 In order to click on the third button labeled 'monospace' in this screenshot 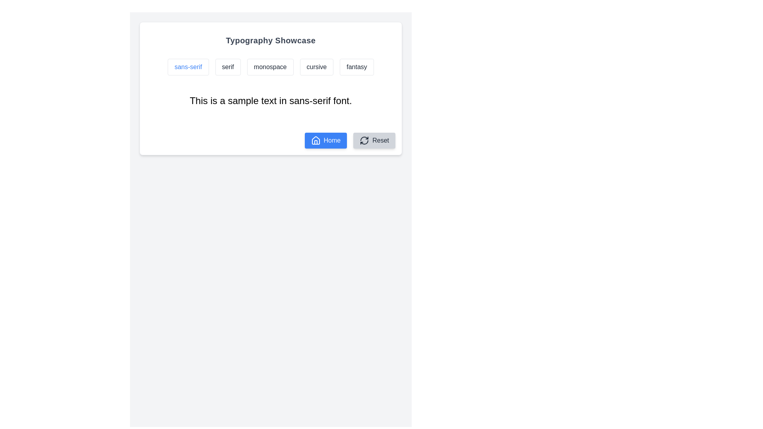, I will do `click(270, 67)`.